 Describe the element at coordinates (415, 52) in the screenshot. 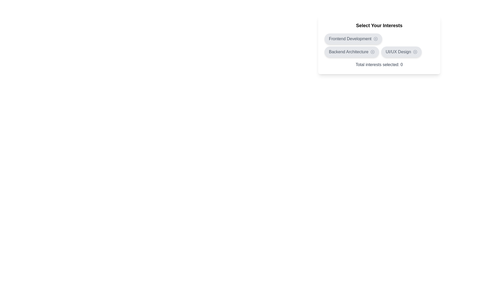

I see `the small circular close icon located to the right of the 'UI/UX Design' button` at that location.